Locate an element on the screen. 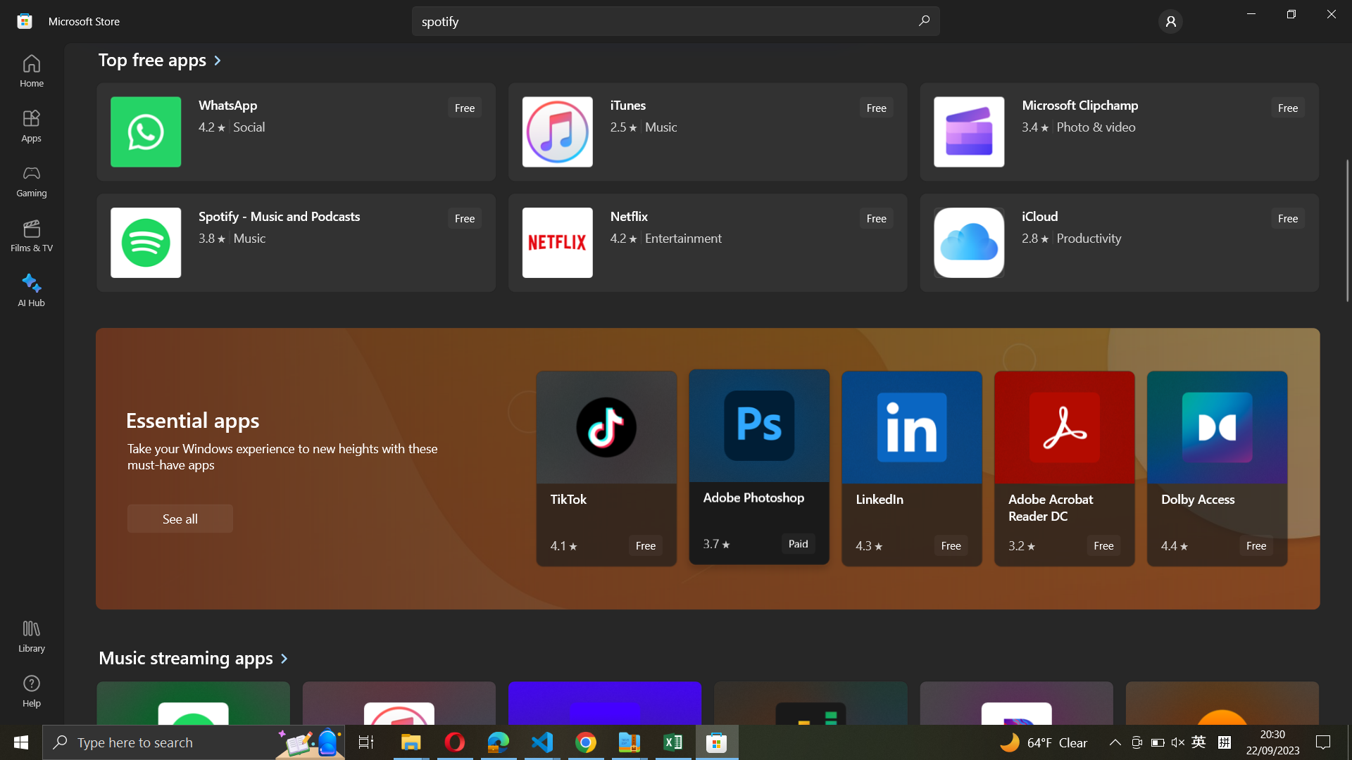 The image size is (1352, 760). Tiktok app details is located at coordinates (606, 469).